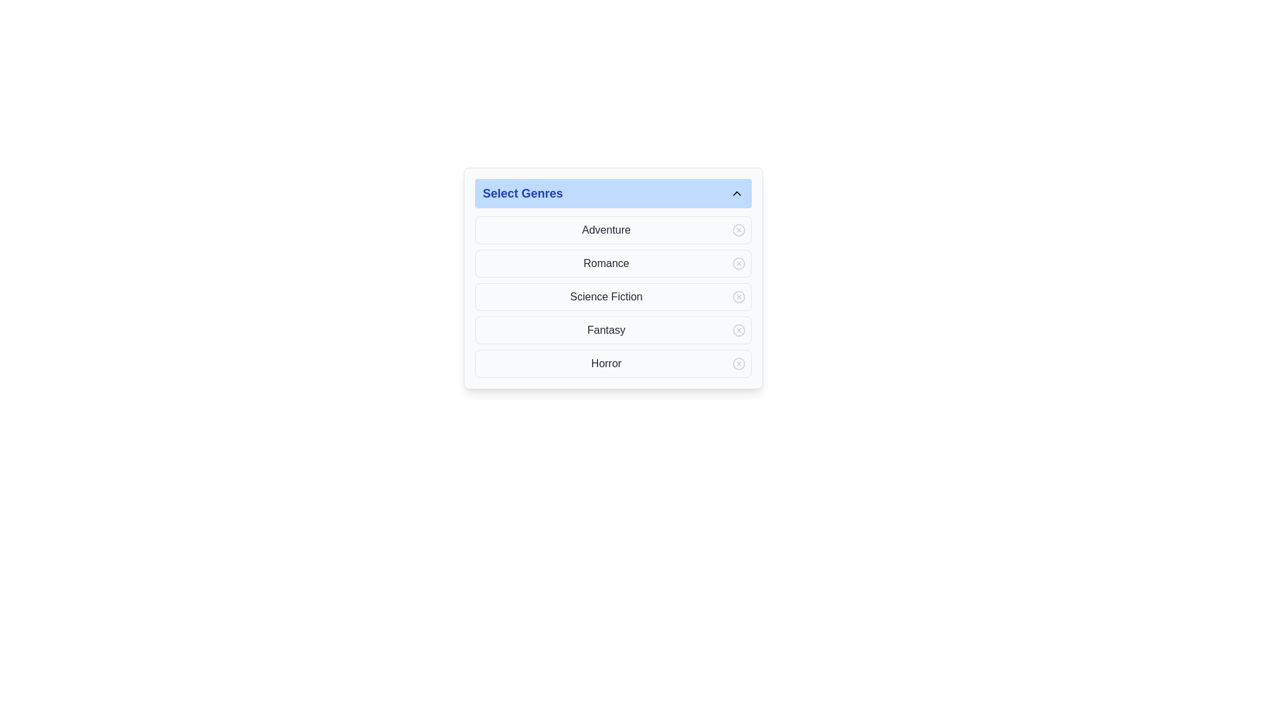 The width and height of the screenshot is (1283, 721). Describe the element at coordinates (612, 263) in the screenshot. I see `the second list item labeled 'Romance' within the 'Select Genres' panel` at that location.